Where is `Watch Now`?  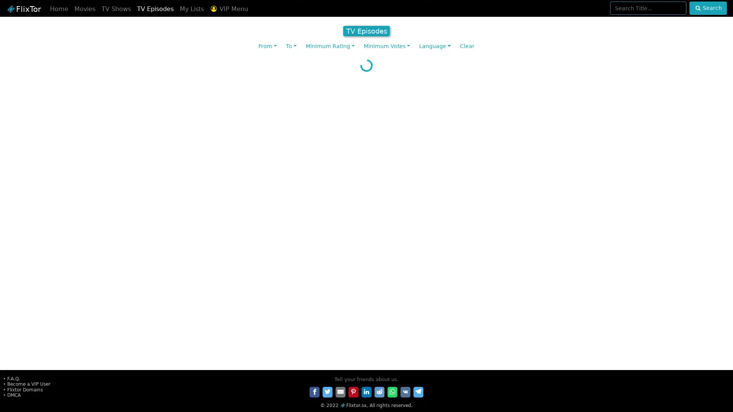 Watch Now is located at coordinates (409, 167).